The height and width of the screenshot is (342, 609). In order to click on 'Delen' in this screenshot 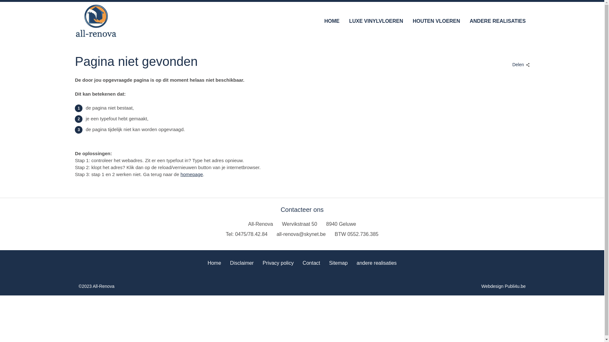, I will do `click(519, 63)`.